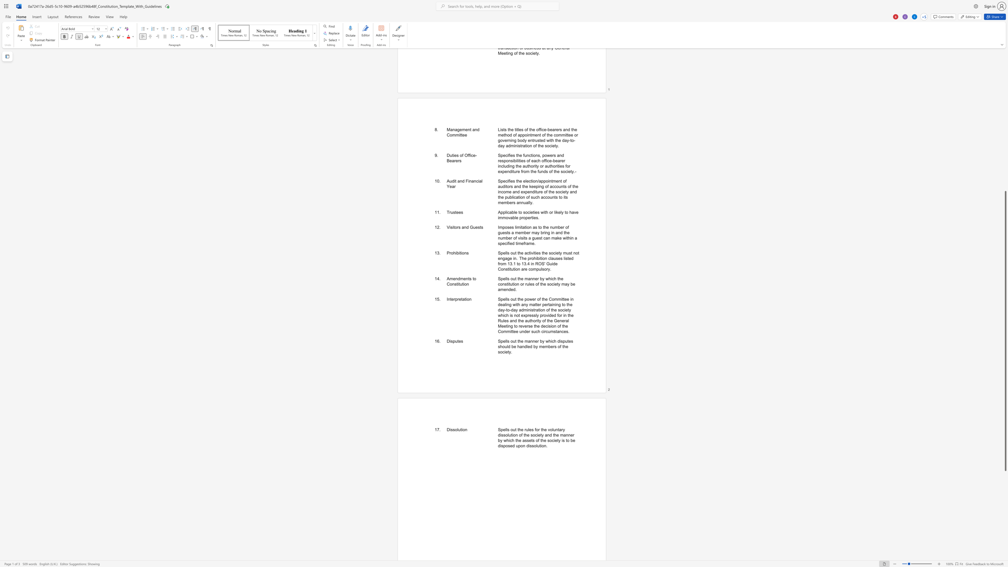 Image resolution: width=1008 pixels, height=567 pixels. Describe the element at coordinates (1005, 133) in the screenshot. I see `the scrollbar on the right to move the page upward` at that location.